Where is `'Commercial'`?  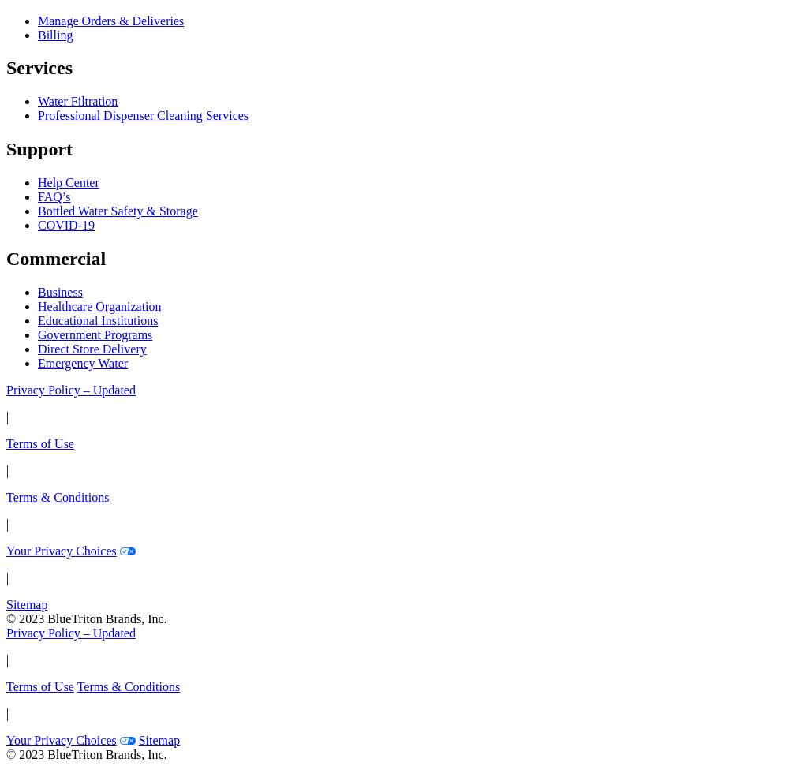
'Commercial' is located at coordinates (55, 259).